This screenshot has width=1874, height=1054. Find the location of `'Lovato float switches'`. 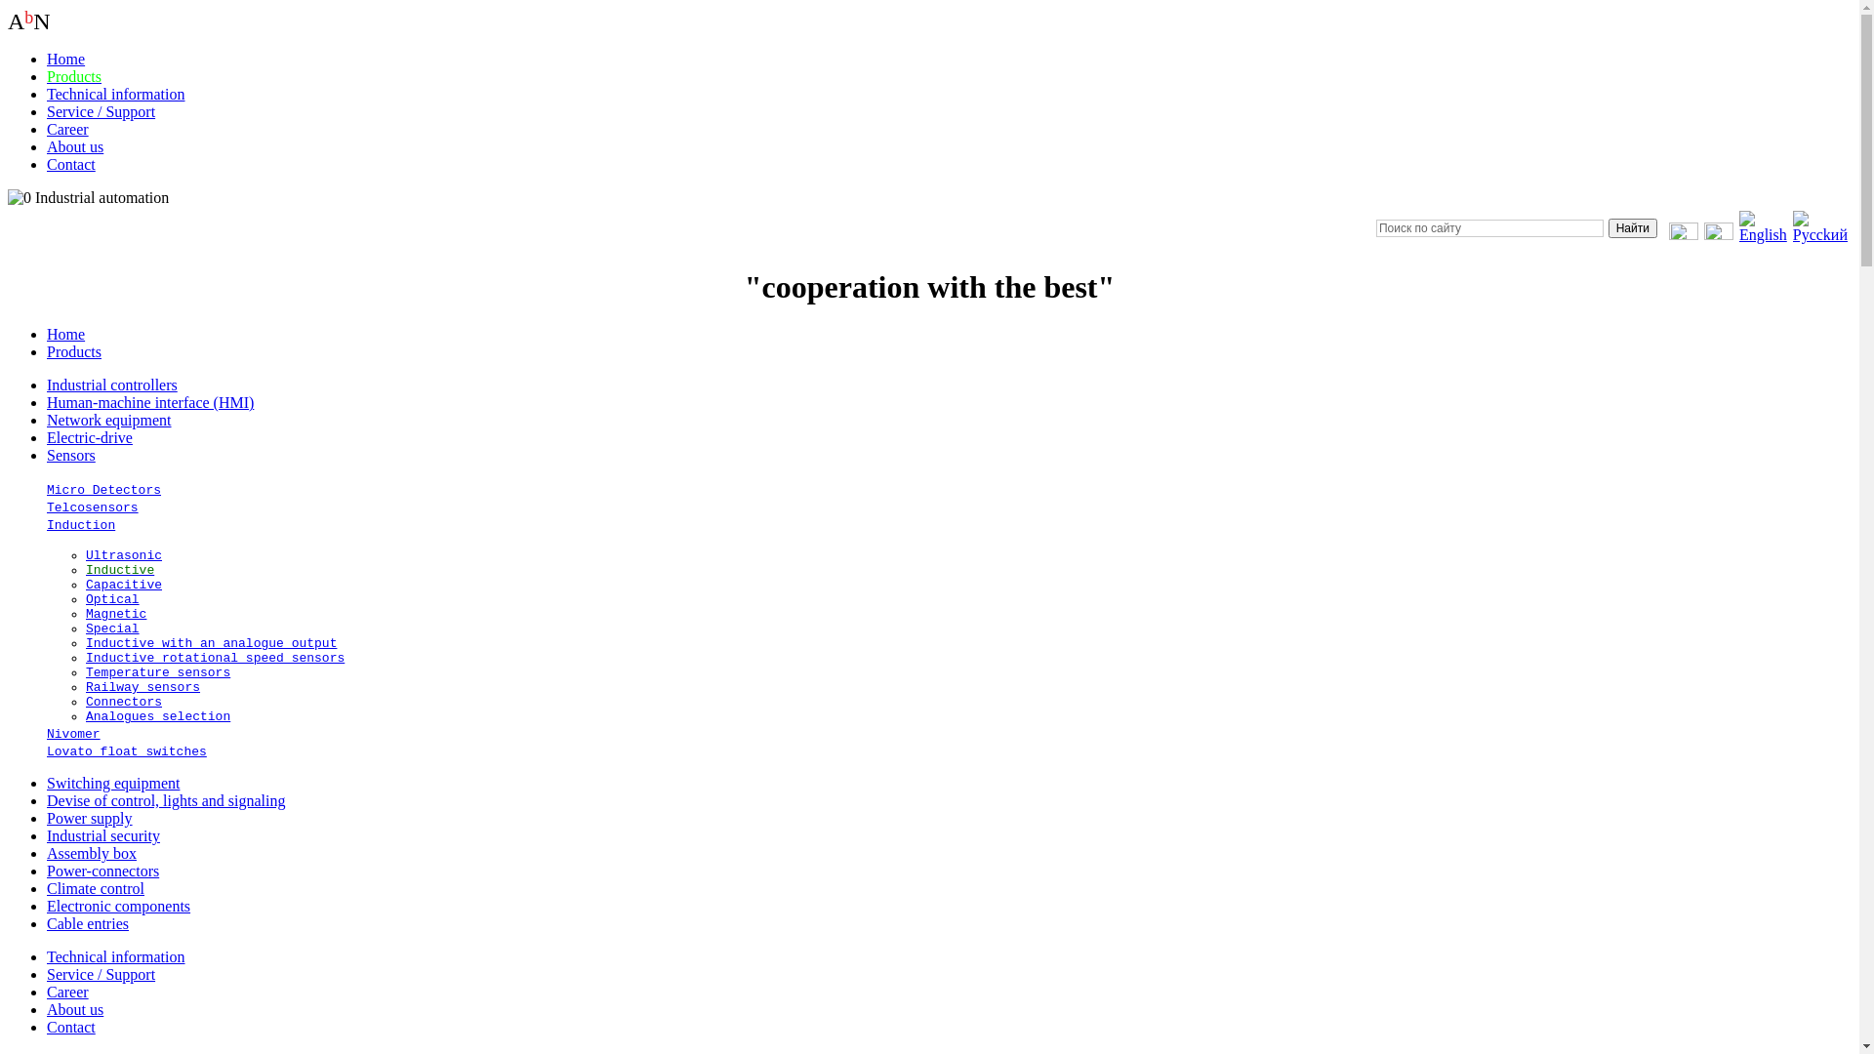

'Lovato float switches' is located at coordinates (47, 750).